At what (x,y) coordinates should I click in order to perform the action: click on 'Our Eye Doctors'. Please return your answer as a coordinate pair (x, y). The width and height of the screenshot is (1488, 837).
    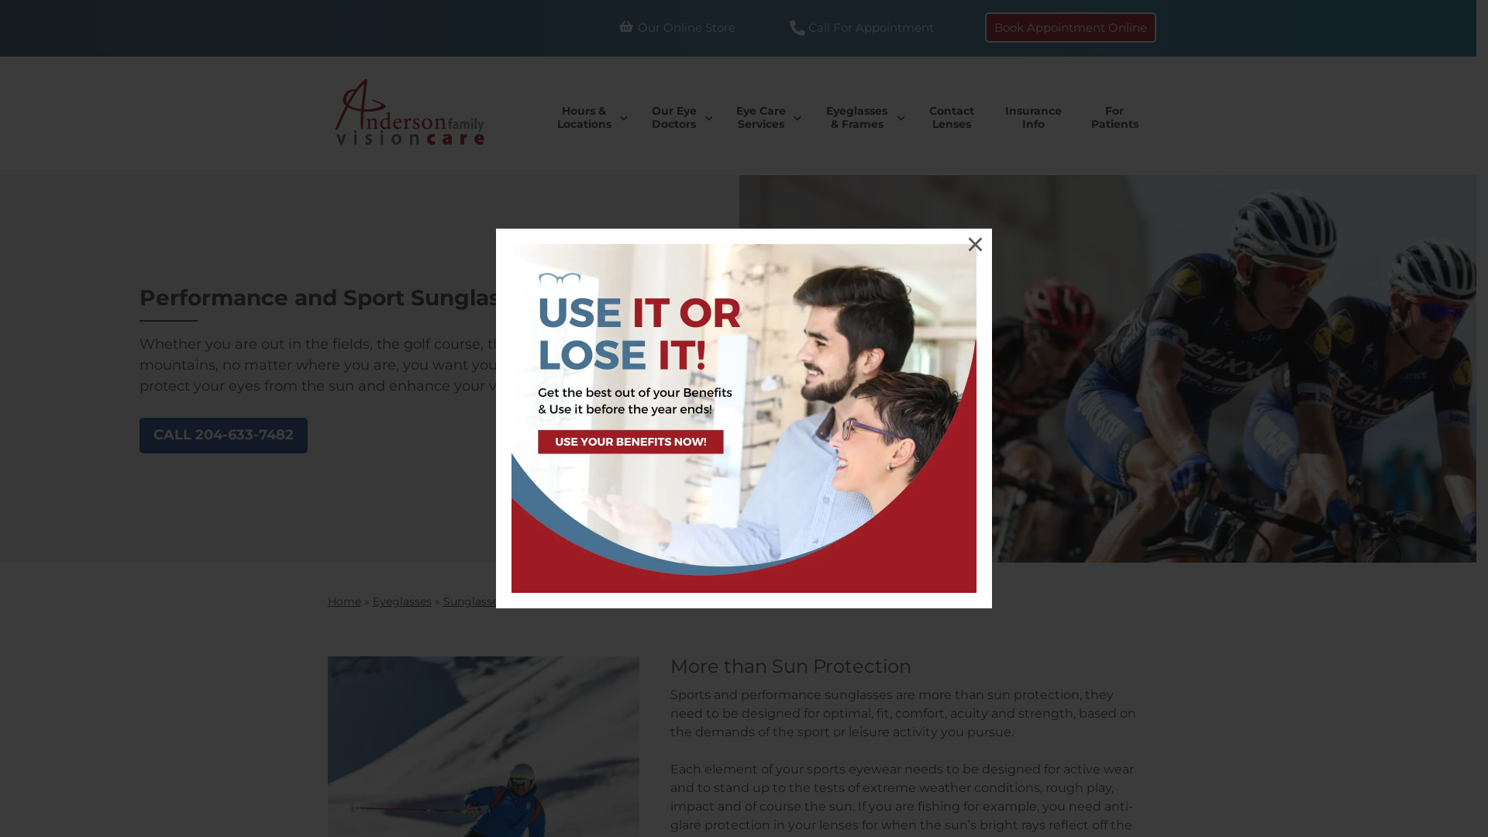
    Looking at the image, I should click on (677, 116).